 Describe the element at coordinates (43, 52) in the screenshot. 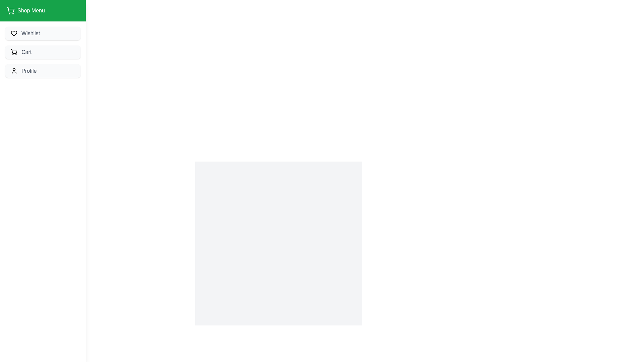

I see `the navigation drawer item Cart` at that location.